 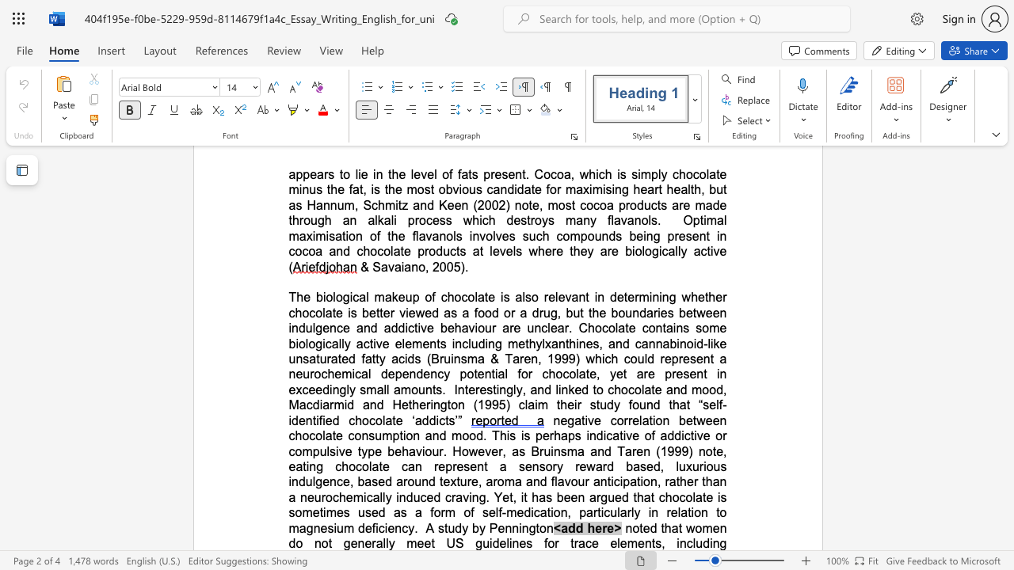 I want to click on the subset text "d that wo" within the text "noted that women do not", so click(x=650, y=528).